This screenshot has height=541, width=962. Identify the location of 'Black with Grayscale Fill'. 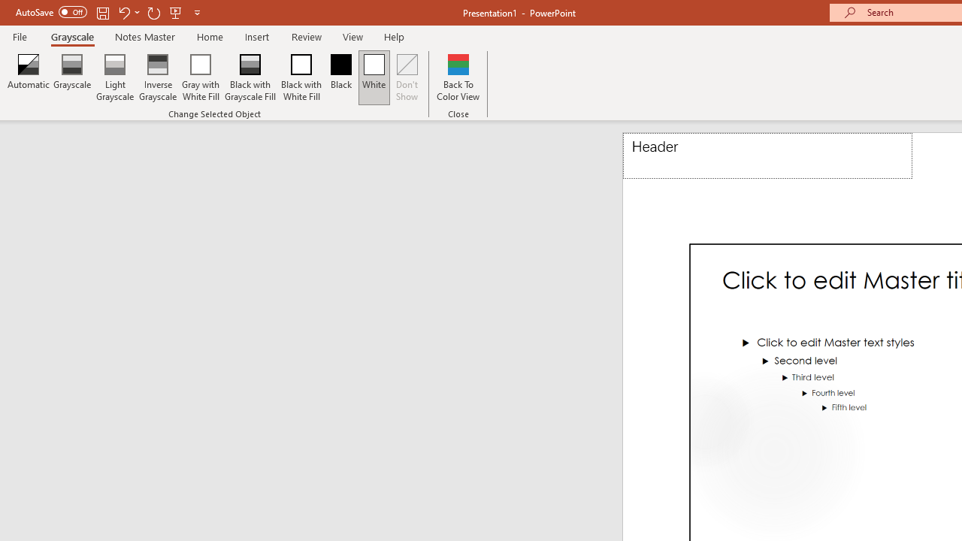
(250, 77).